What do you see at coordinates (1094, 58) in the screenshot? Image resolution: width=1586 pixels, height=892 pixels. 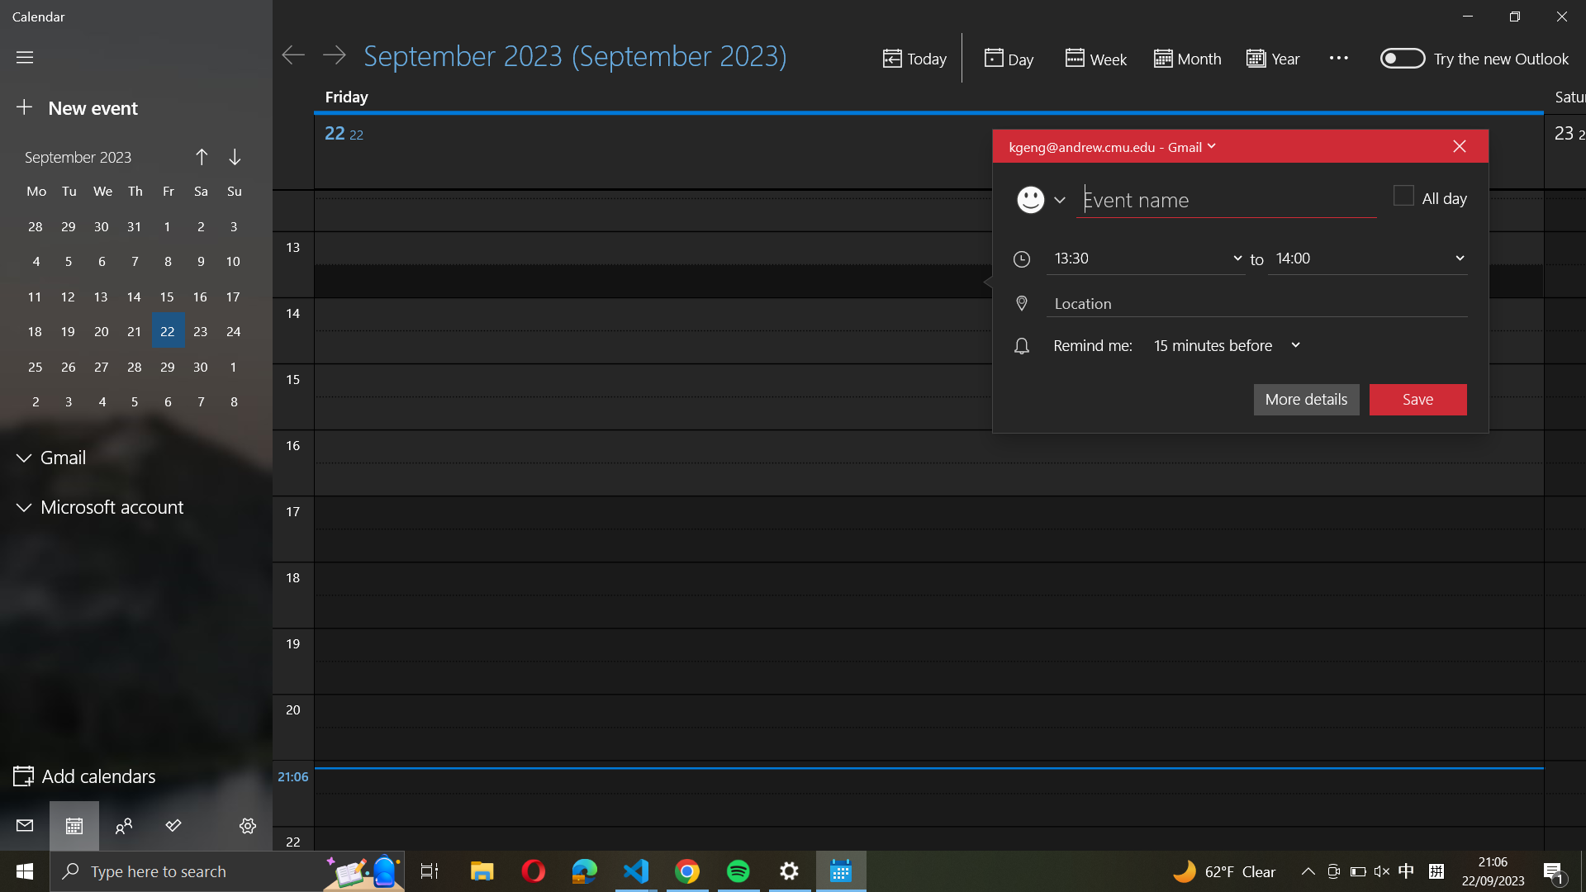 I see `View the weekly calendar` at bounding box center [1094, 58].